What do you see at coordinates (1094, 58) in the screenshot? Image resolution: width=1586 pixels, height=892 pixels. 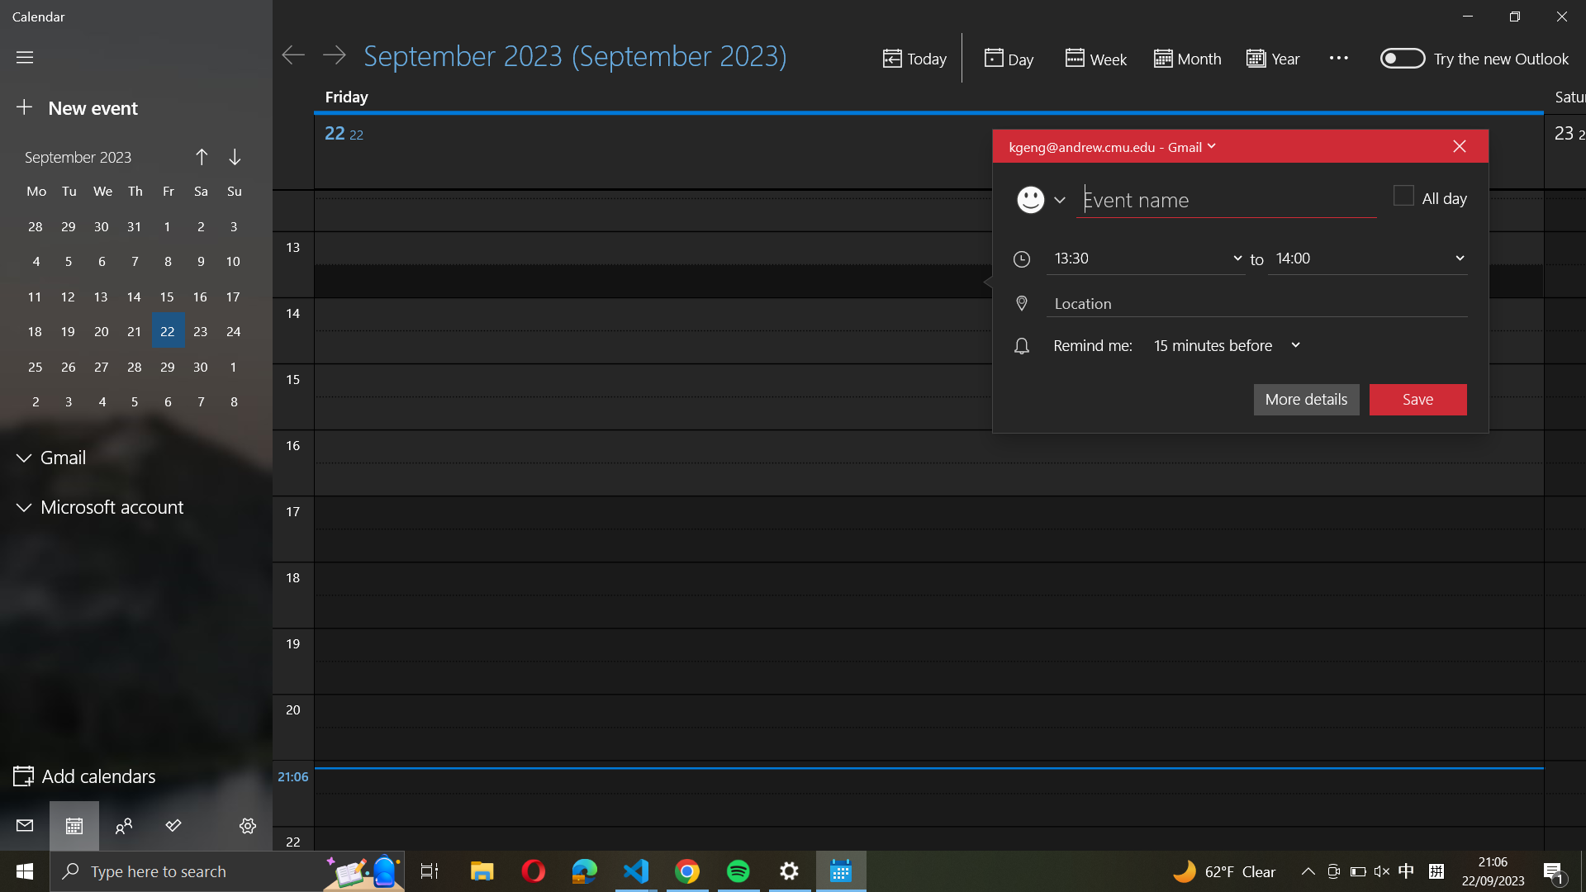 I see `View the weekly calendar` at bounding box center [1094, 58].